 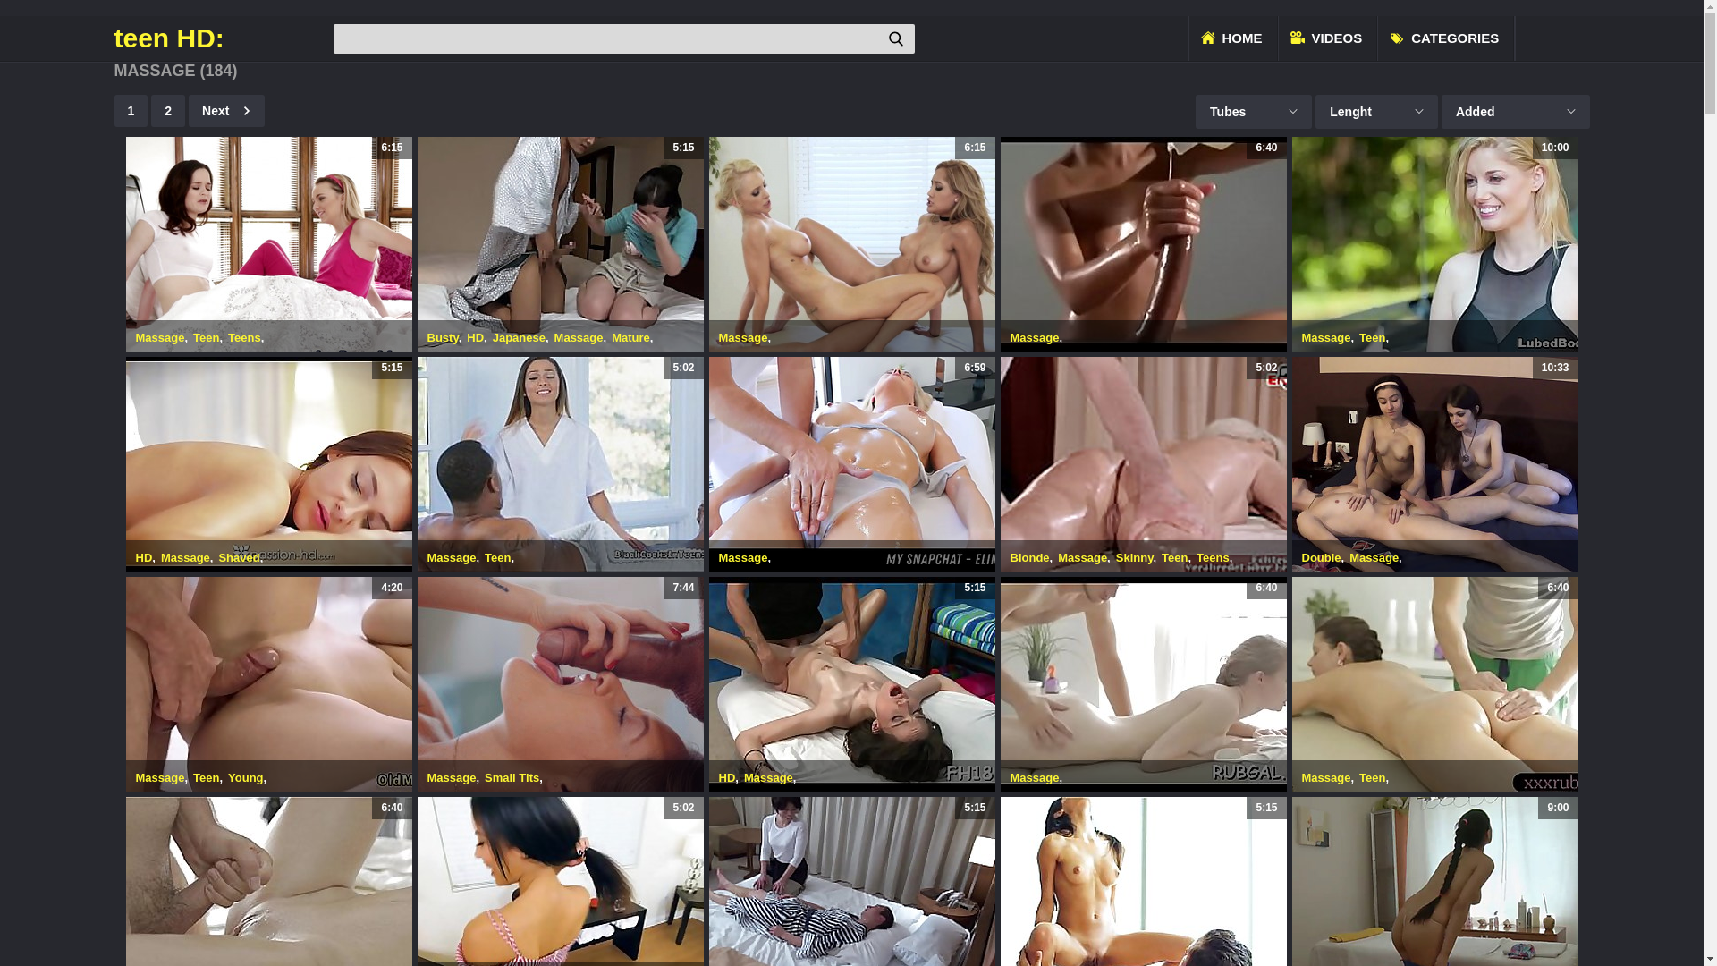 I want to click on 'VIDEOS', so click(x=1278, y=38).